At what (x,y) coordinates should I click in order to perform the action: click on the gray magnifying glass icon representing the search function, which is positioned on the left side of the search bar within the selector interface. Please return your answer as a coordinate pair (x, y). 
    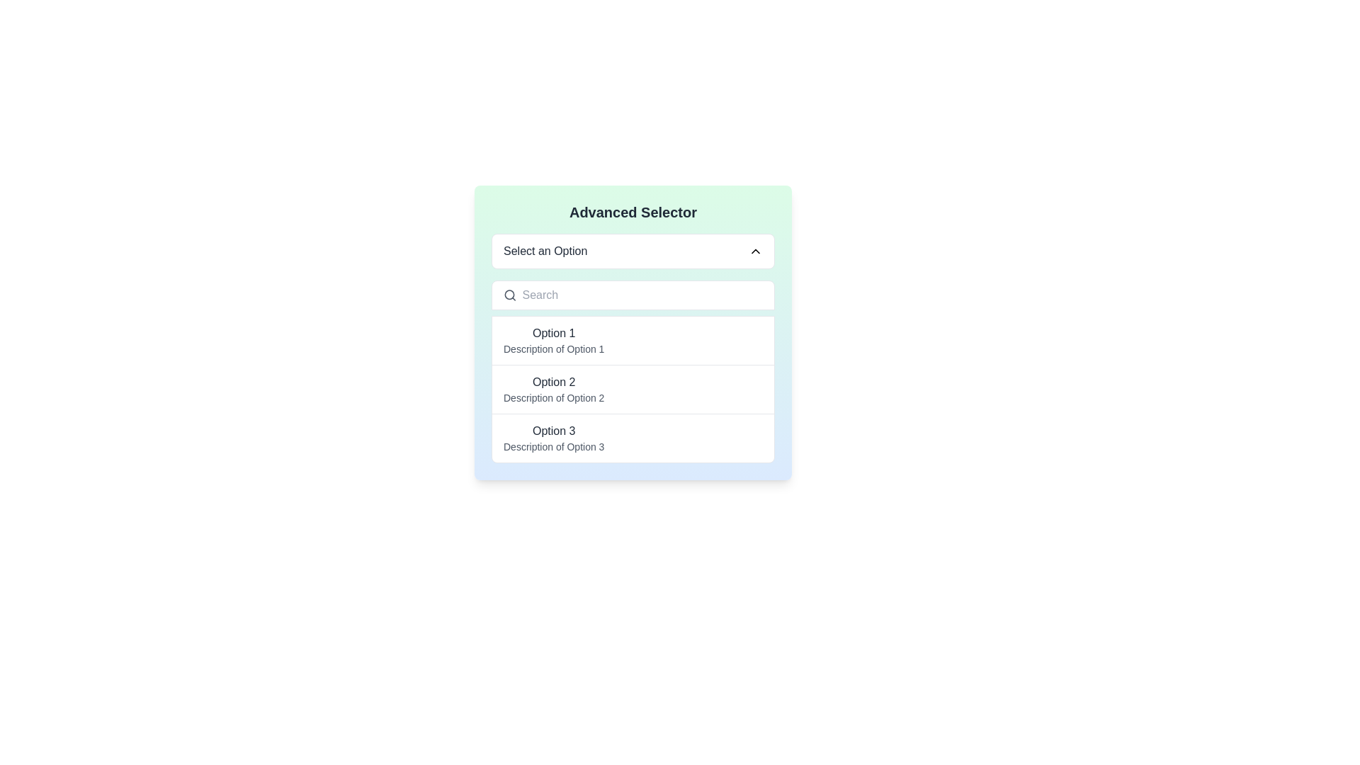
    Looking at the image, I should click on (510, 294).